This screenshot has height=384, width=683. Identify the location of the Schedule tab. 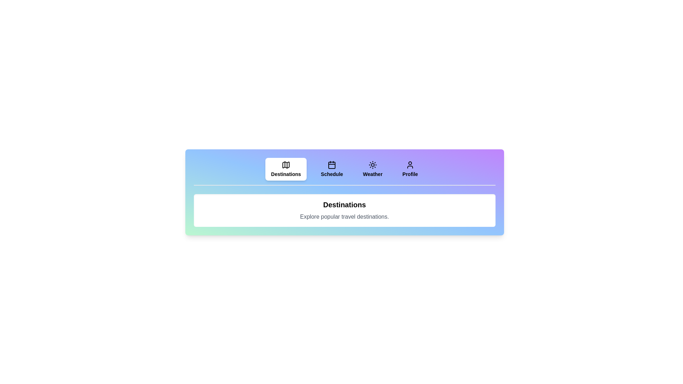
(332, 169).